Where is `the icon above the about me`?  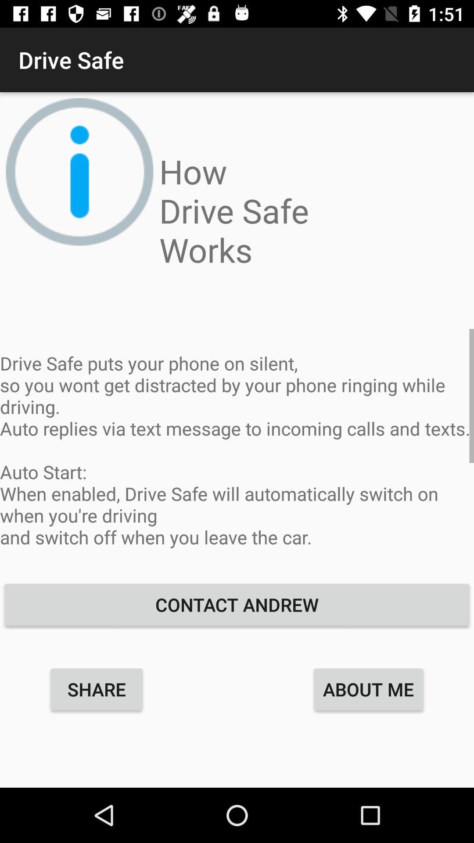 the icon above the about me is located at coordinates (237, 604).